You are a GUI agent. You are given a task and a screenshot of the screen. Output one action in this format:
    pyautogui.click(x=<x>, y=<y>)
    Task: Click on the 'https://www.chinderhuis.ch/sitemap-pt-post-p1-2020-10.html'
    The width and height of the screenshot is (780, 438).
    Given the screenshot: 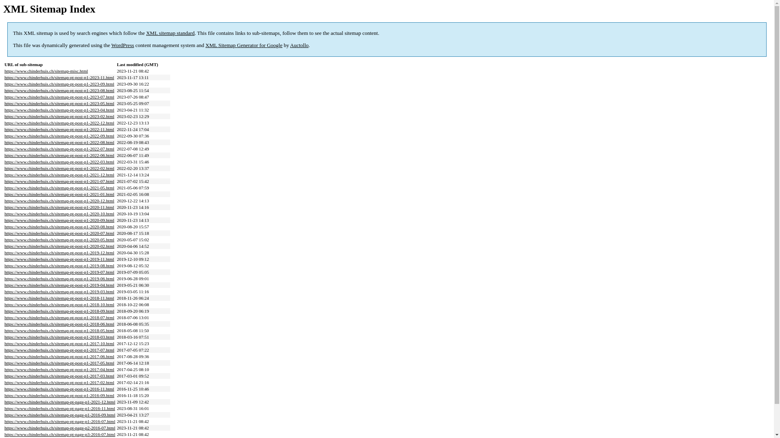 What is the action you would take?
    pyautogui.click(x=58, y=213)
    